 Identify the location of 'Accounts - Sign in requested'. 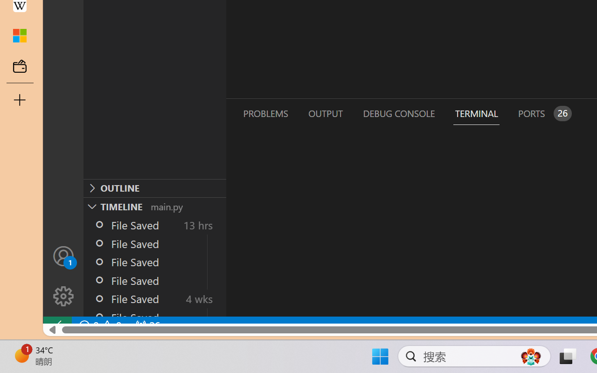
(62, 256).